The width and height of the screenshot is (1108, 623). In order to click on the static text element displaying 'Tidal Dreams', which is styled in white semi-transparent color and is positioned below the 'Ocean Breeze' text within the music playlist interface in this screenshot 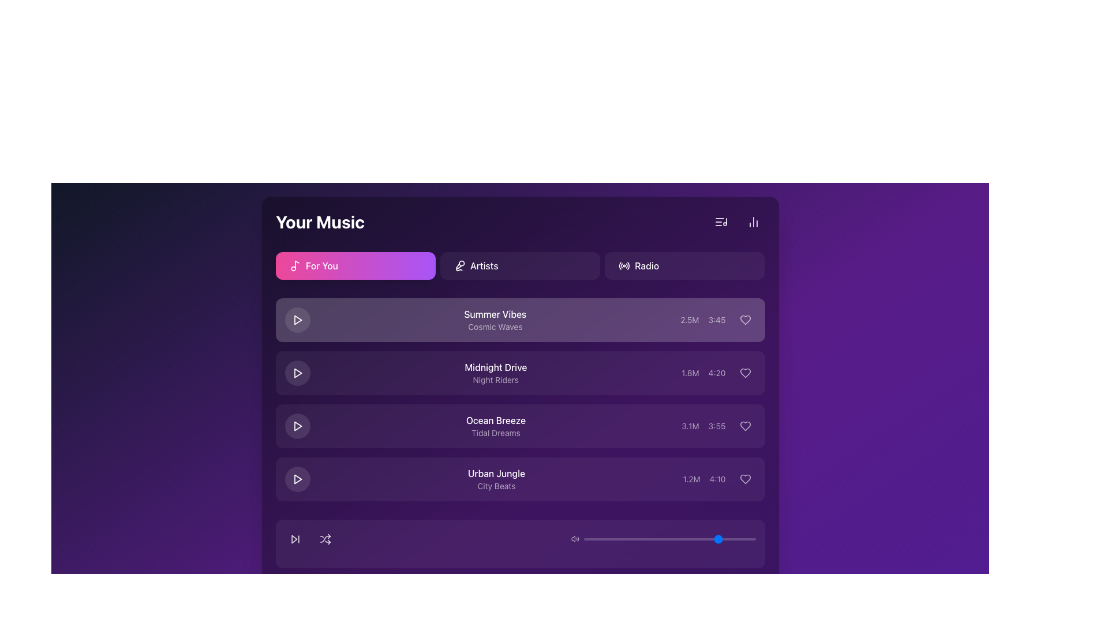, I will do `click(496, 433)`.